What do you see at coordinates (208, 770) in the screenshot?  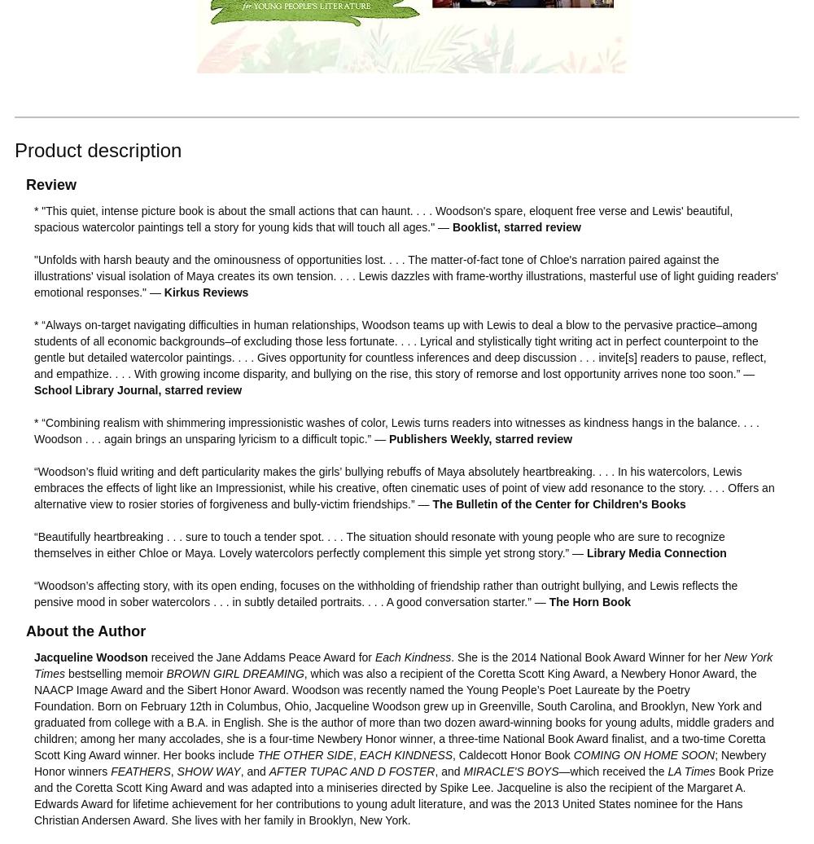 I see `'SHOW WAY'` at bounding box center [208, 770].